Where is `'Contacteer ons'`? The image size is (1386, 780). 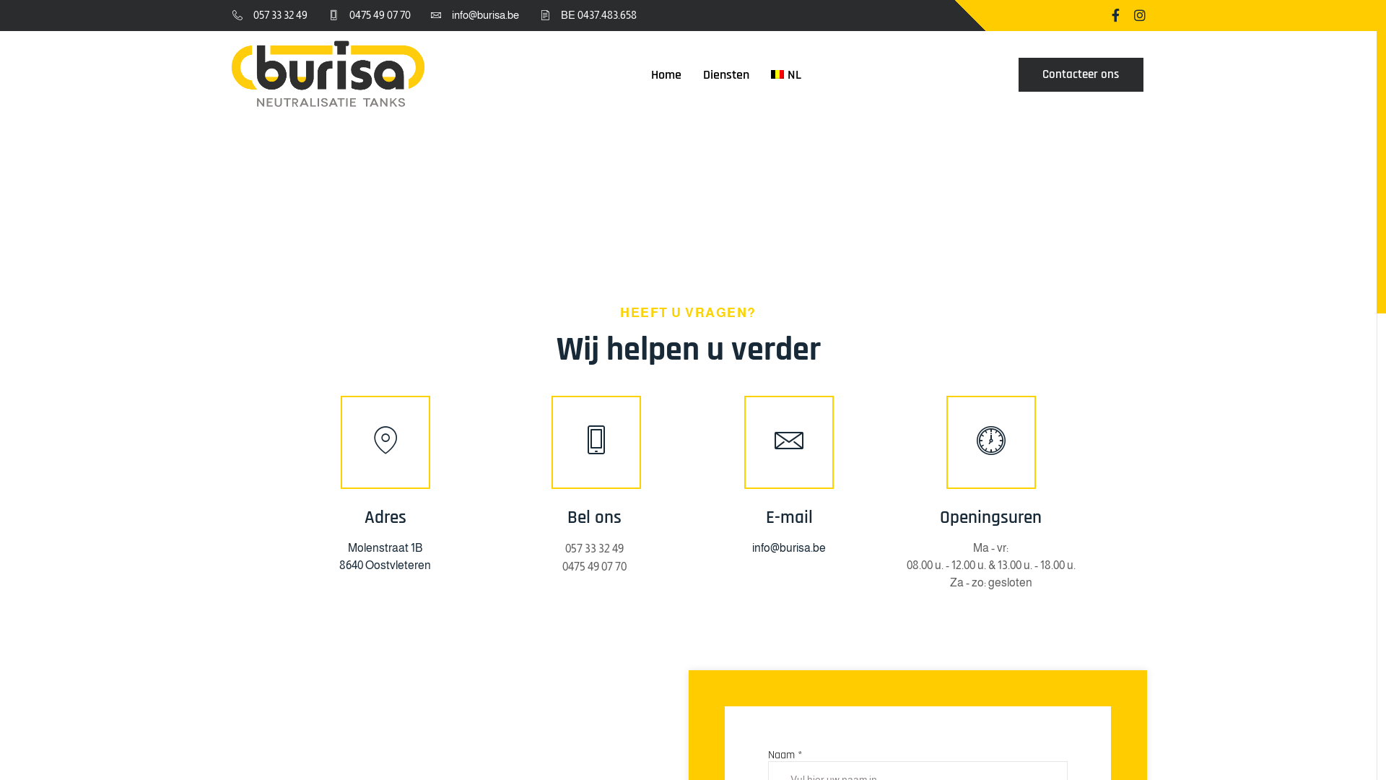 'Contacteer ons' is located at coordinates (1081, 74).